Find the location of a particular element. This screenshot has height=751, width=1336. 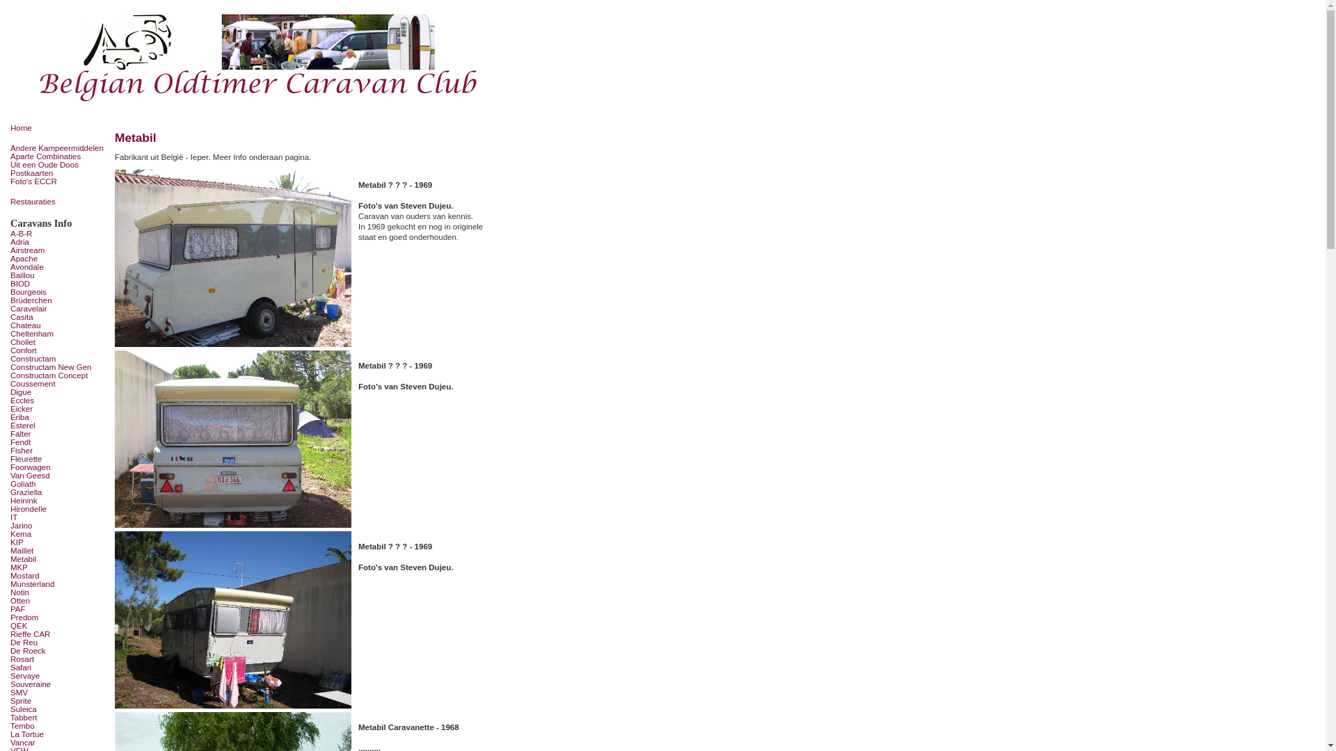

'Bourgeois' is located at coordinates (10, 291).